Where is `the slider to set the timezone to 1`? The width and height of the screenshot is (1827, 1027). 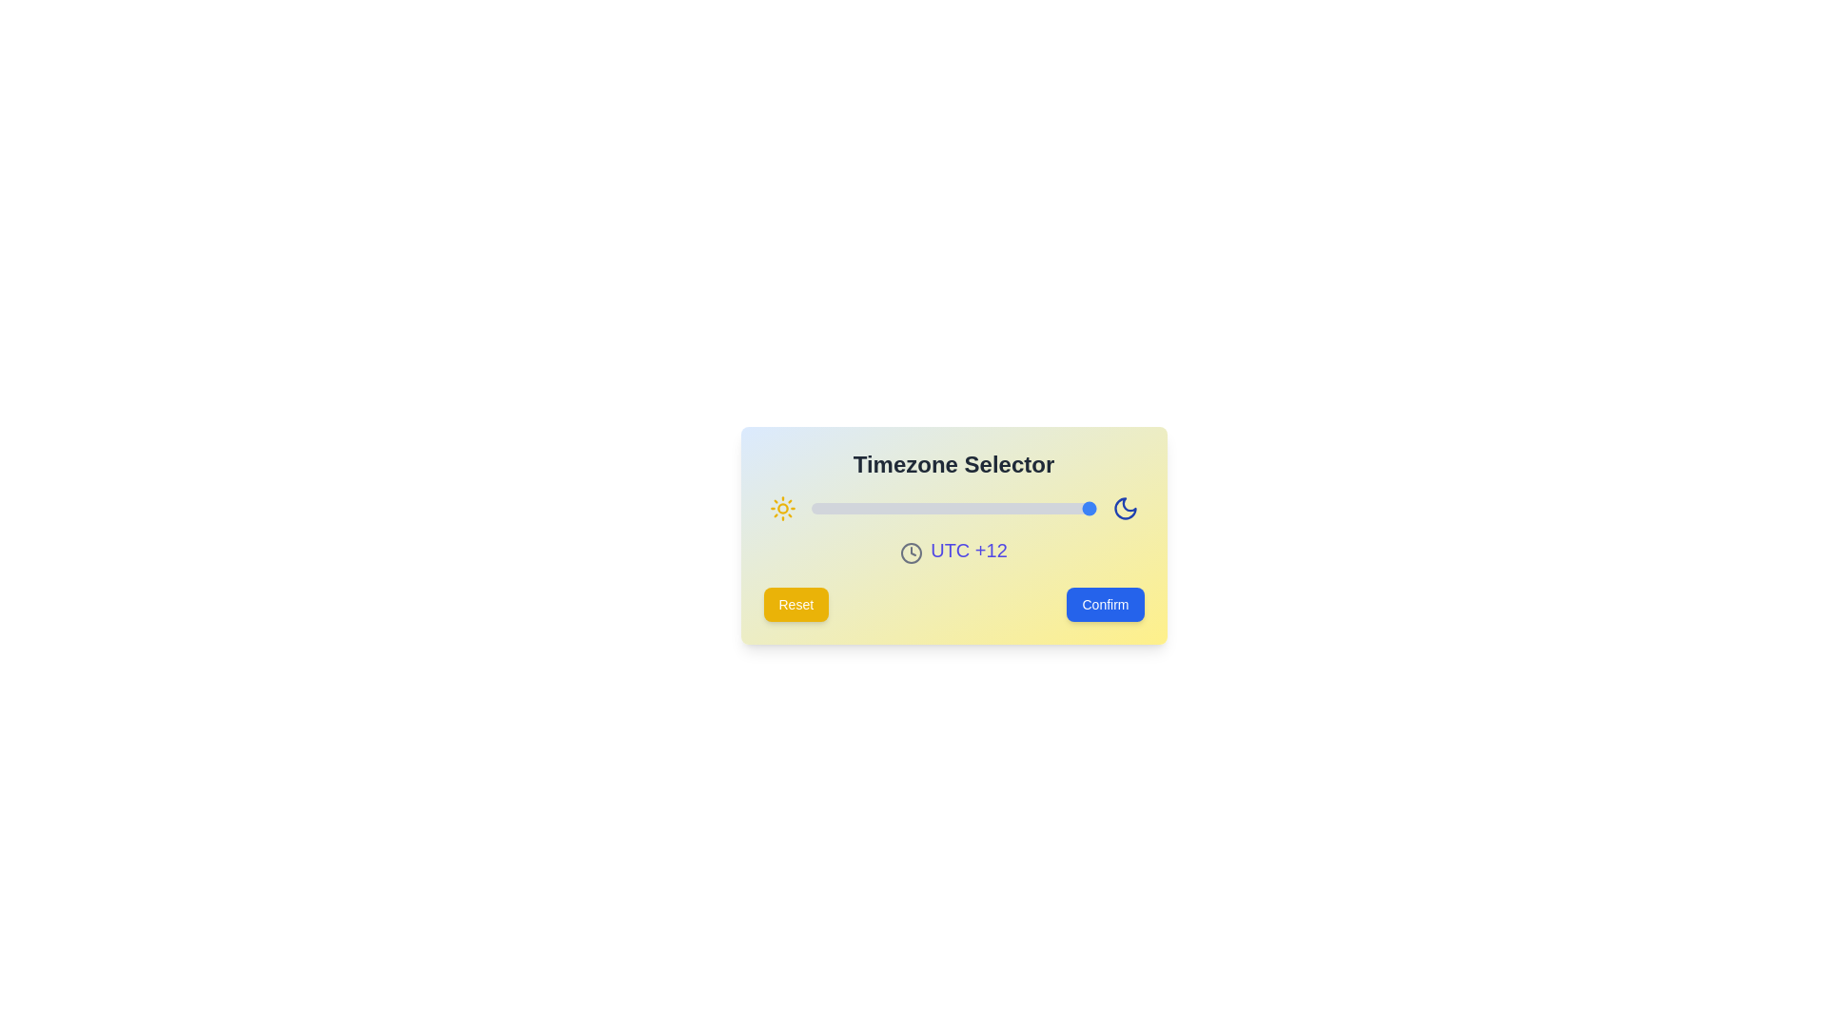 the slider to set the timezone to 1 is located at coordinates (965, 508).